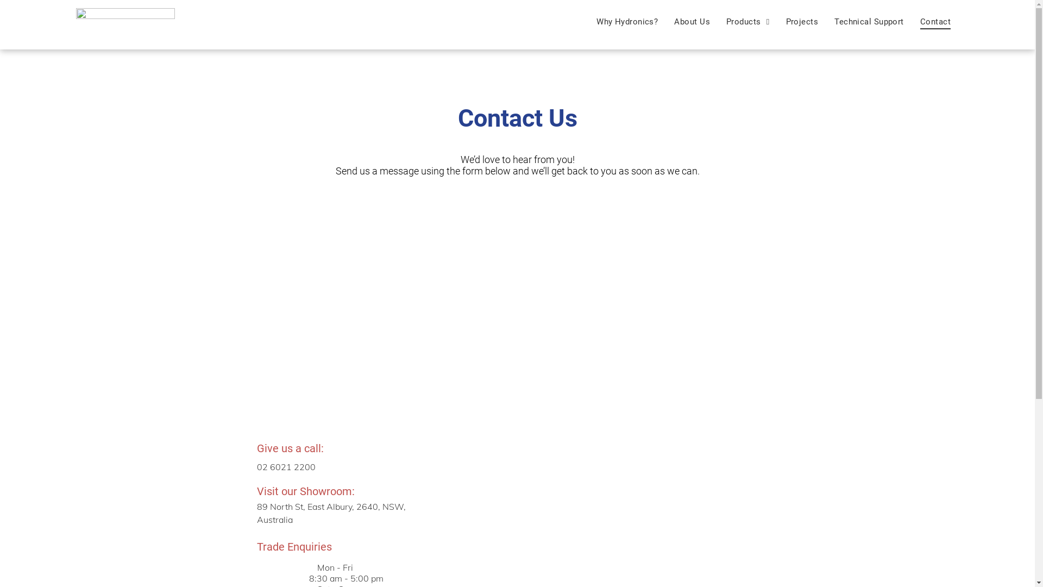  I want to click on 'Technical Support', so click(868, 21).